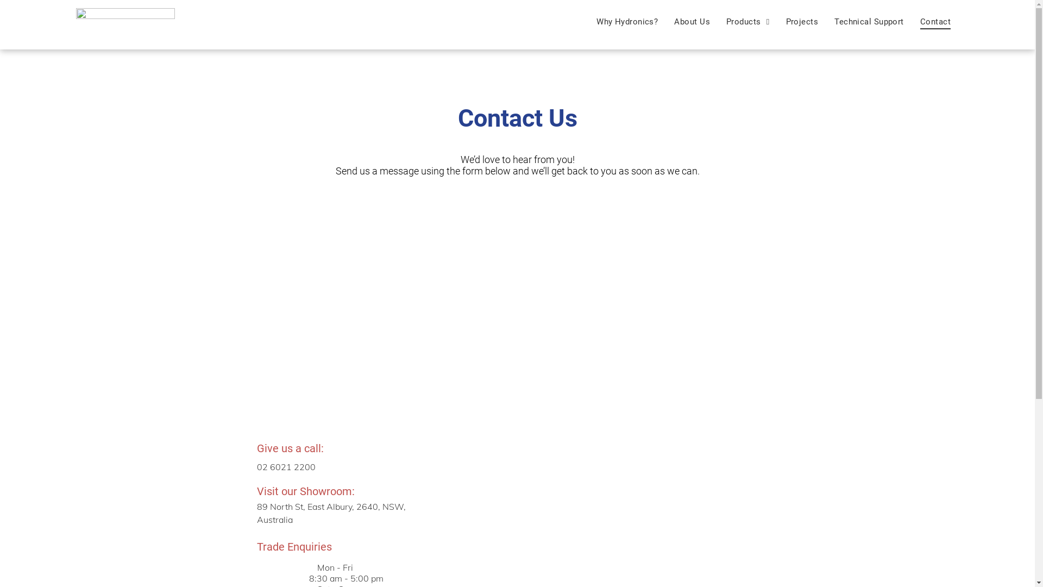  I want to click on 'Technical Support', so click(868, 21).